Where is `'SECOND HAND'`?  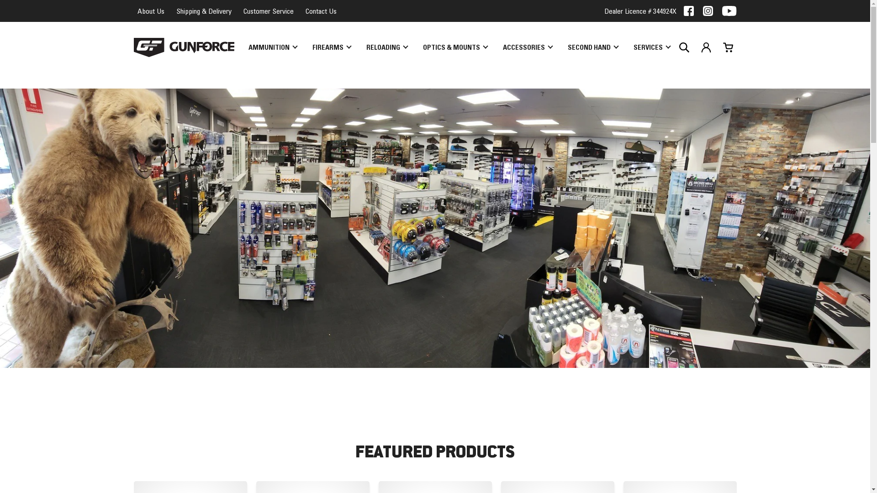
'SECOND HAND' is located at coordinates (592, 47).